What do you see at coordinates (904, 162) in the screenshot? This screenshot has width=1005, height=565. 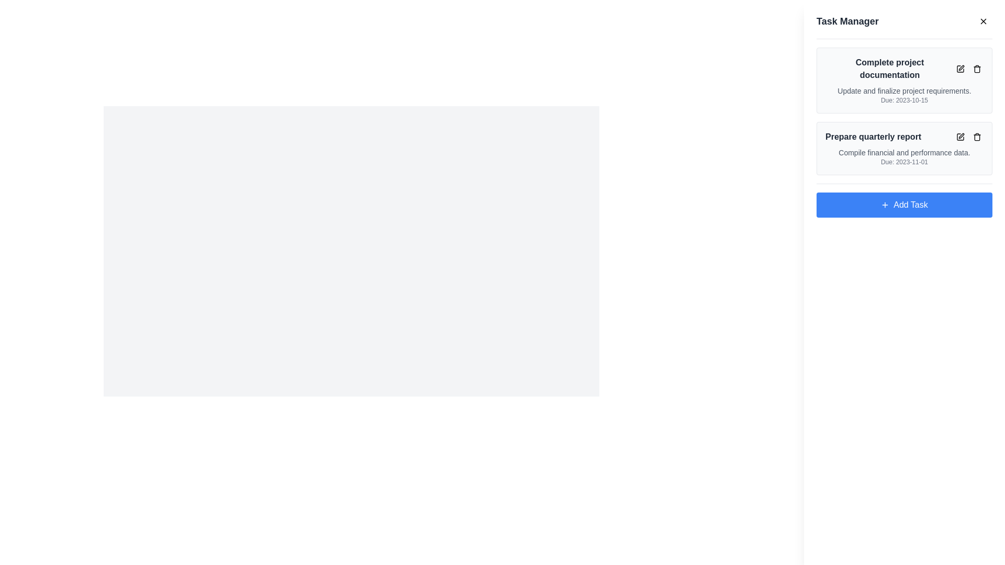 I see `the text label displaying 'Due: 2023-11-01' located at the bottom of the 'Prepare quarterly report' card in the 'Task Manager' section` at bounding box center [904, 162].